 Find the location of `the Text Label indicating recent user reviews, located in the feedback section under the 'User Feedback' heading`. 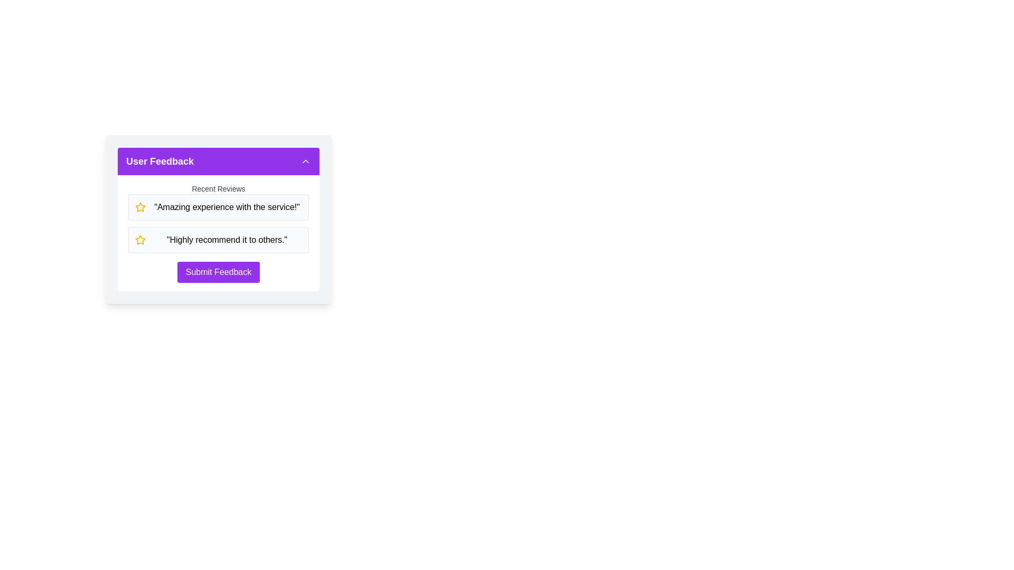

the Text Label indicating recent user reviews, located in the feedback section under the 'User Feedback' heading is located at coordinates (218, 188).